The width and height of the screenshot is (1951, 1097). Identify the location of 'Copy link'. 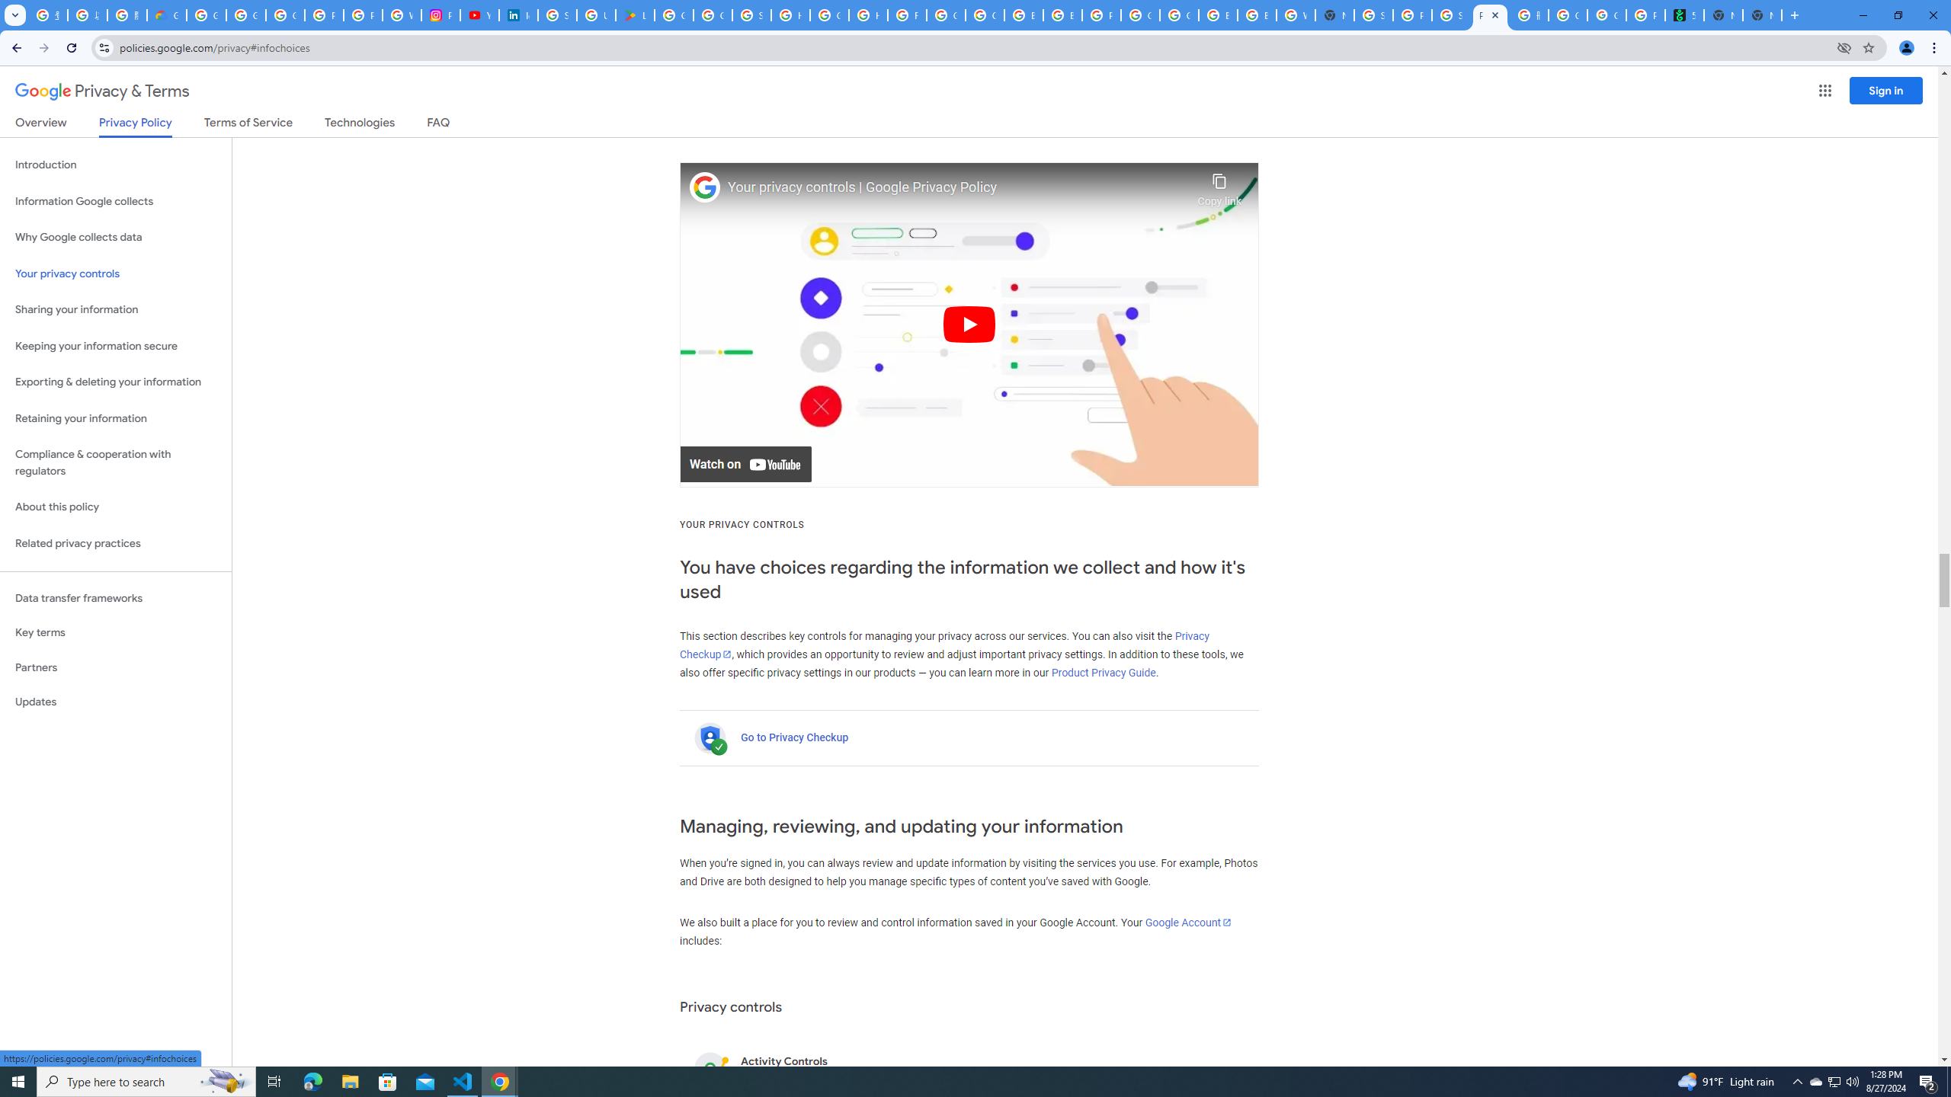
(1219, 186).